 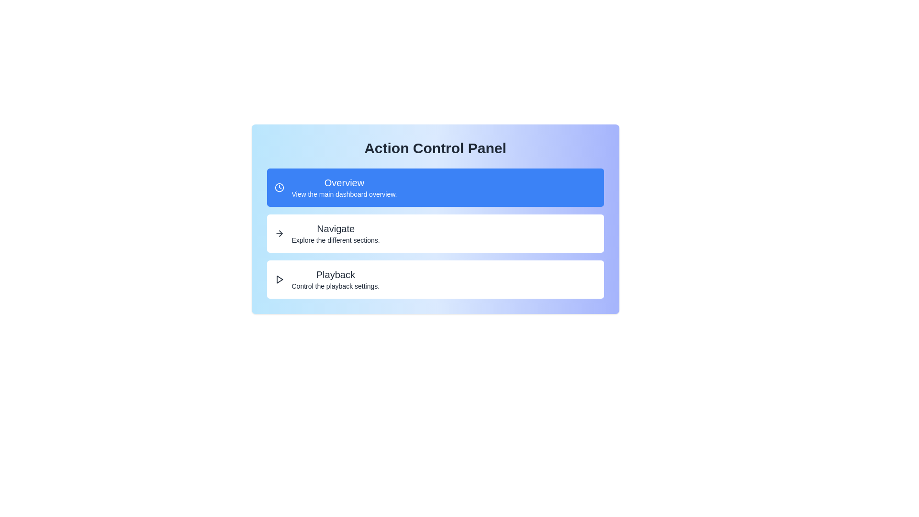 I want to click on the 'Overview' static text element, which is a bold label on a blue background, positioned at the top of the 'Action Control Panel' section, so click(x=344, y=182).